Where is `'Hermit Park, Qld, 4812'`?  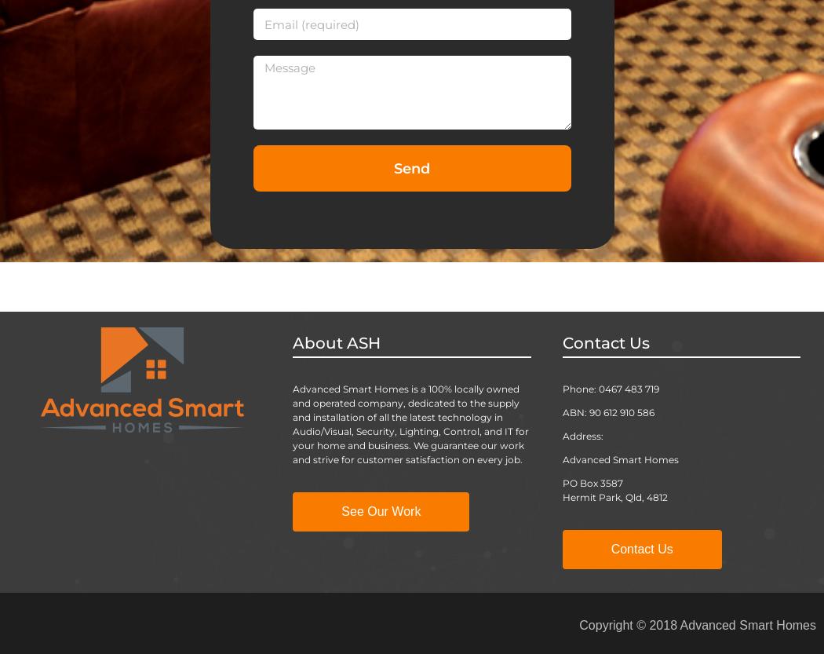 'Hermit Park, Qld, 4812' is located at coordinates (614, 497).